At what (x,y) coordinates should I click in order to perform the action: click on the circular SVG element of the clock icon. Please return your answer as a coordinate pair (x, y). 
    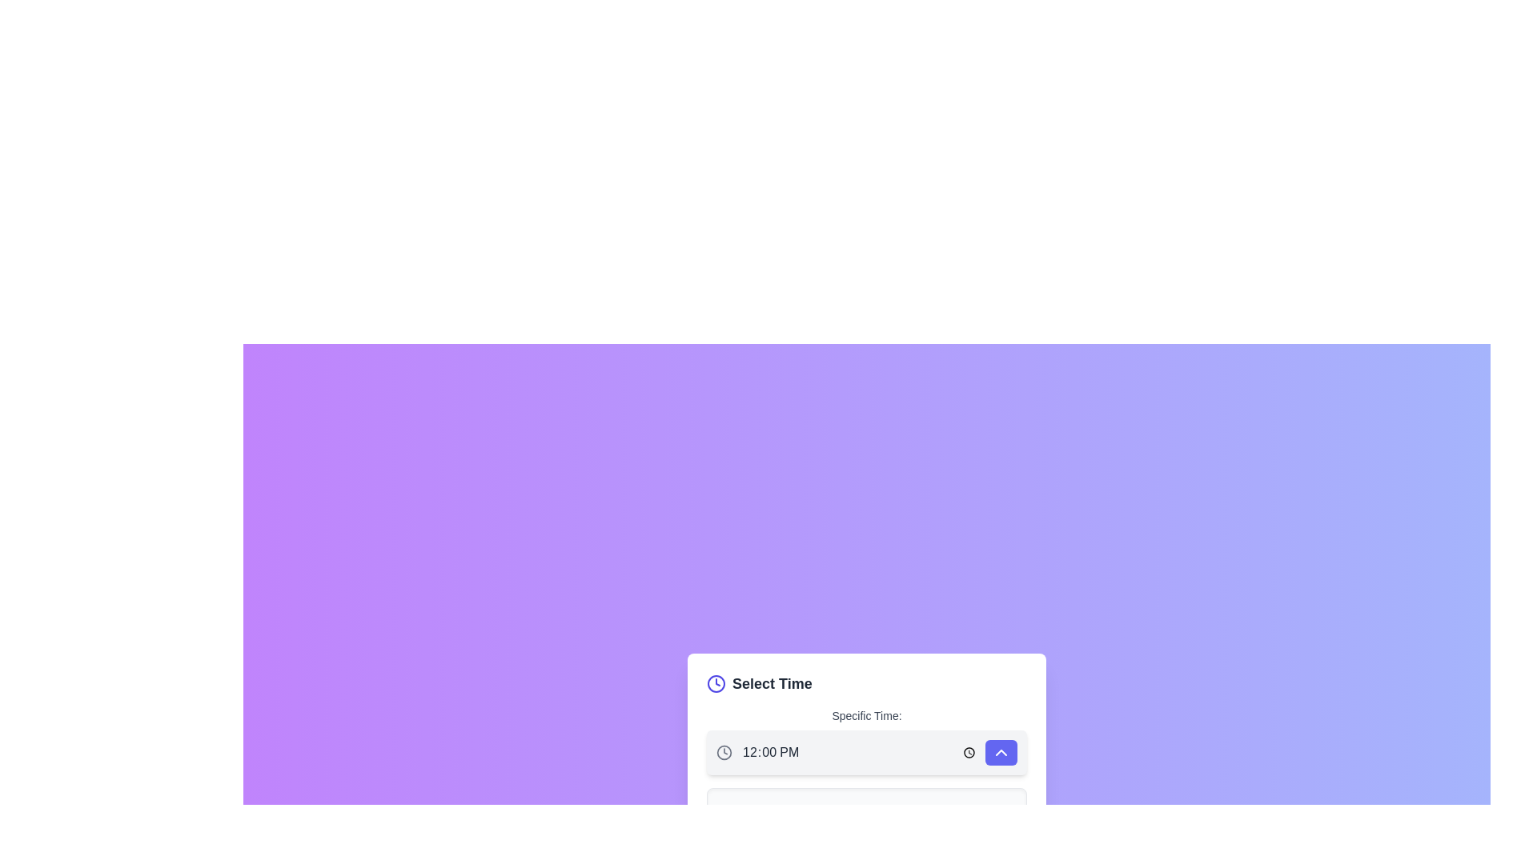
    Looking at the image, I should click on (715, 684).